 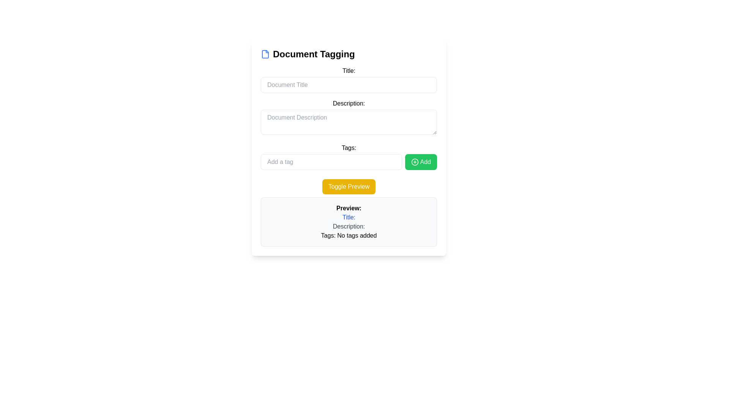 What do you see at coordinates (414, 162) in the screenshot?
I see `the green circular icon with a plus symbol inside, located to the left of the 'Add' button label` at bounding box center [414, 162].